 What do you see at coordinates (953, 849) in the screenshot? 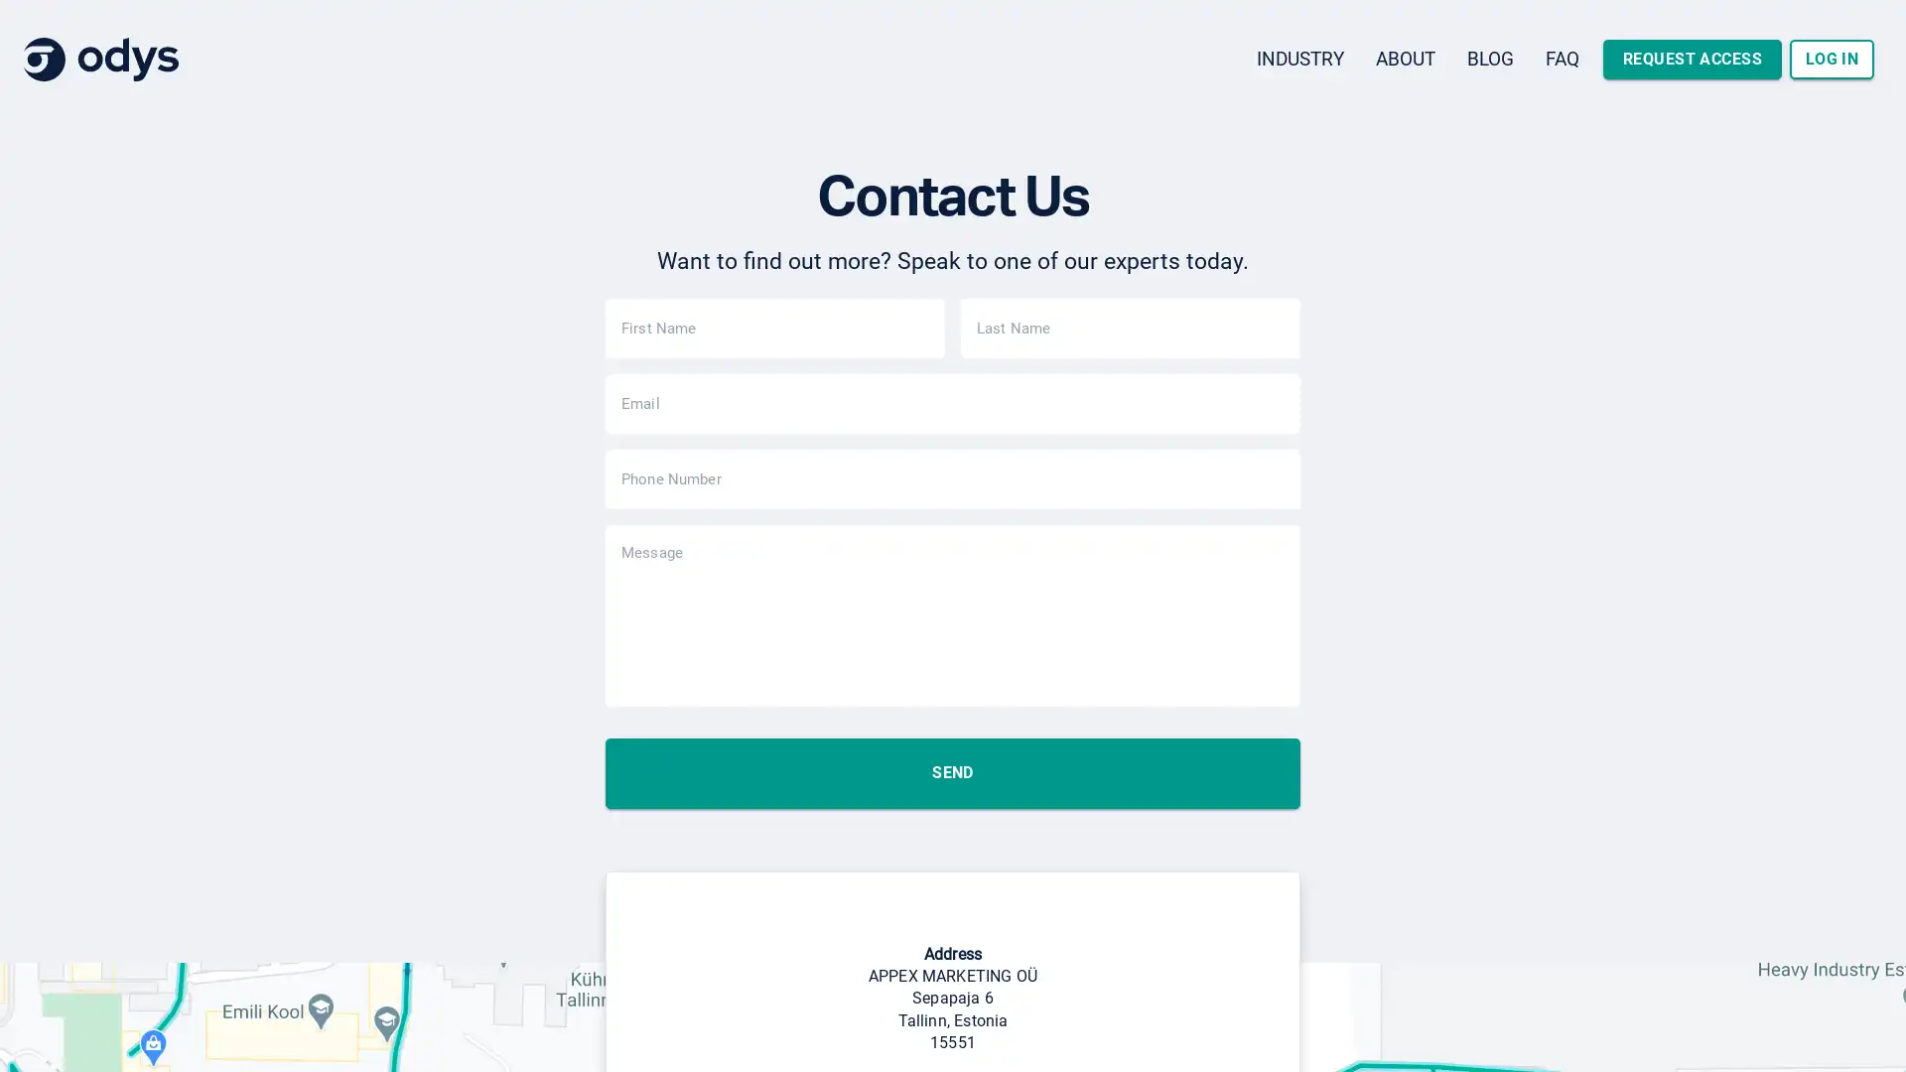
I see `SEND` at bounding box center [953, 849].